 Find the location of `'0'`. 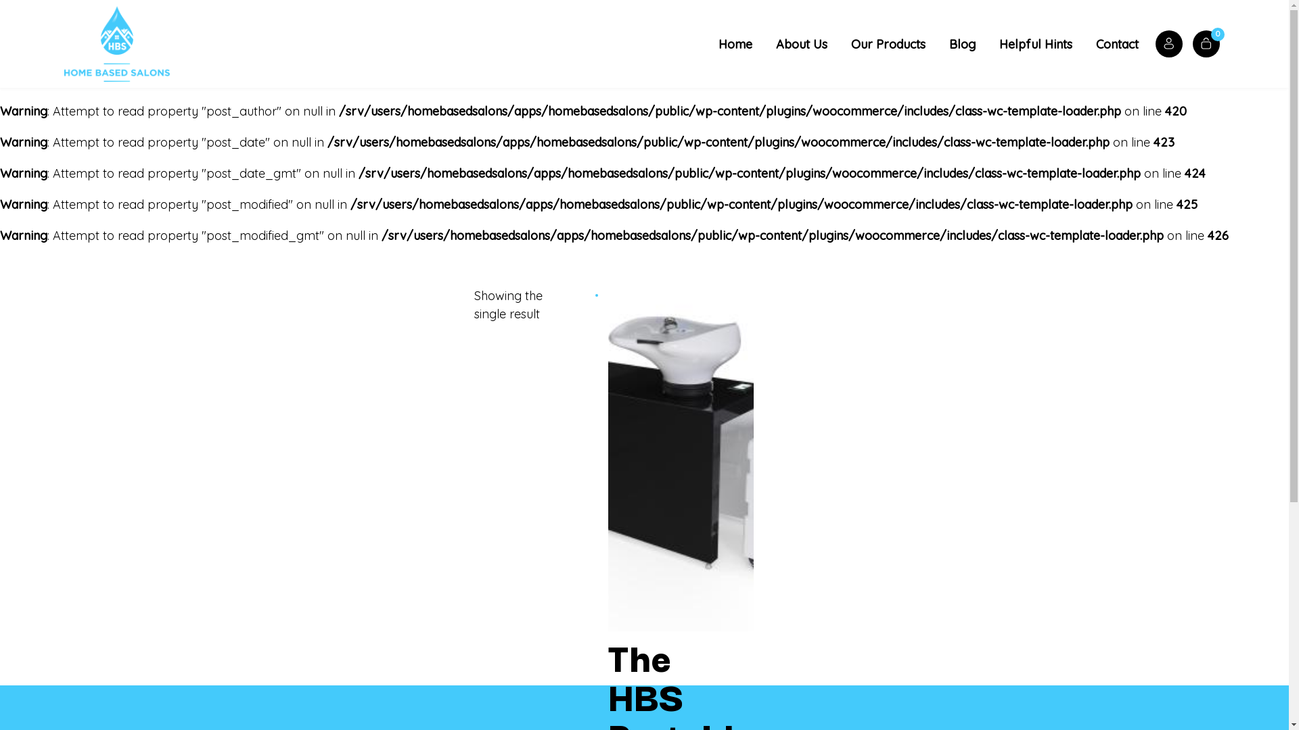

'0' is located at coordinates (1206, 43).